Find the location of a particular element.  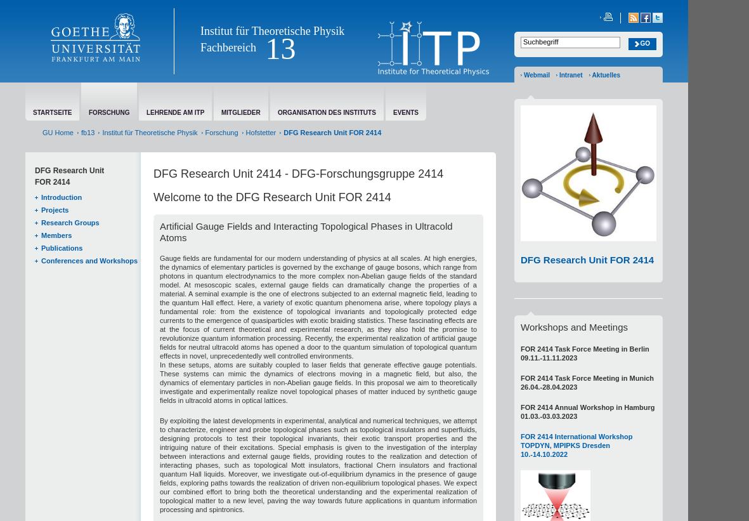

'FOR 2414 Task Force Meeting in Munich' is located at coordinates (587, 378).